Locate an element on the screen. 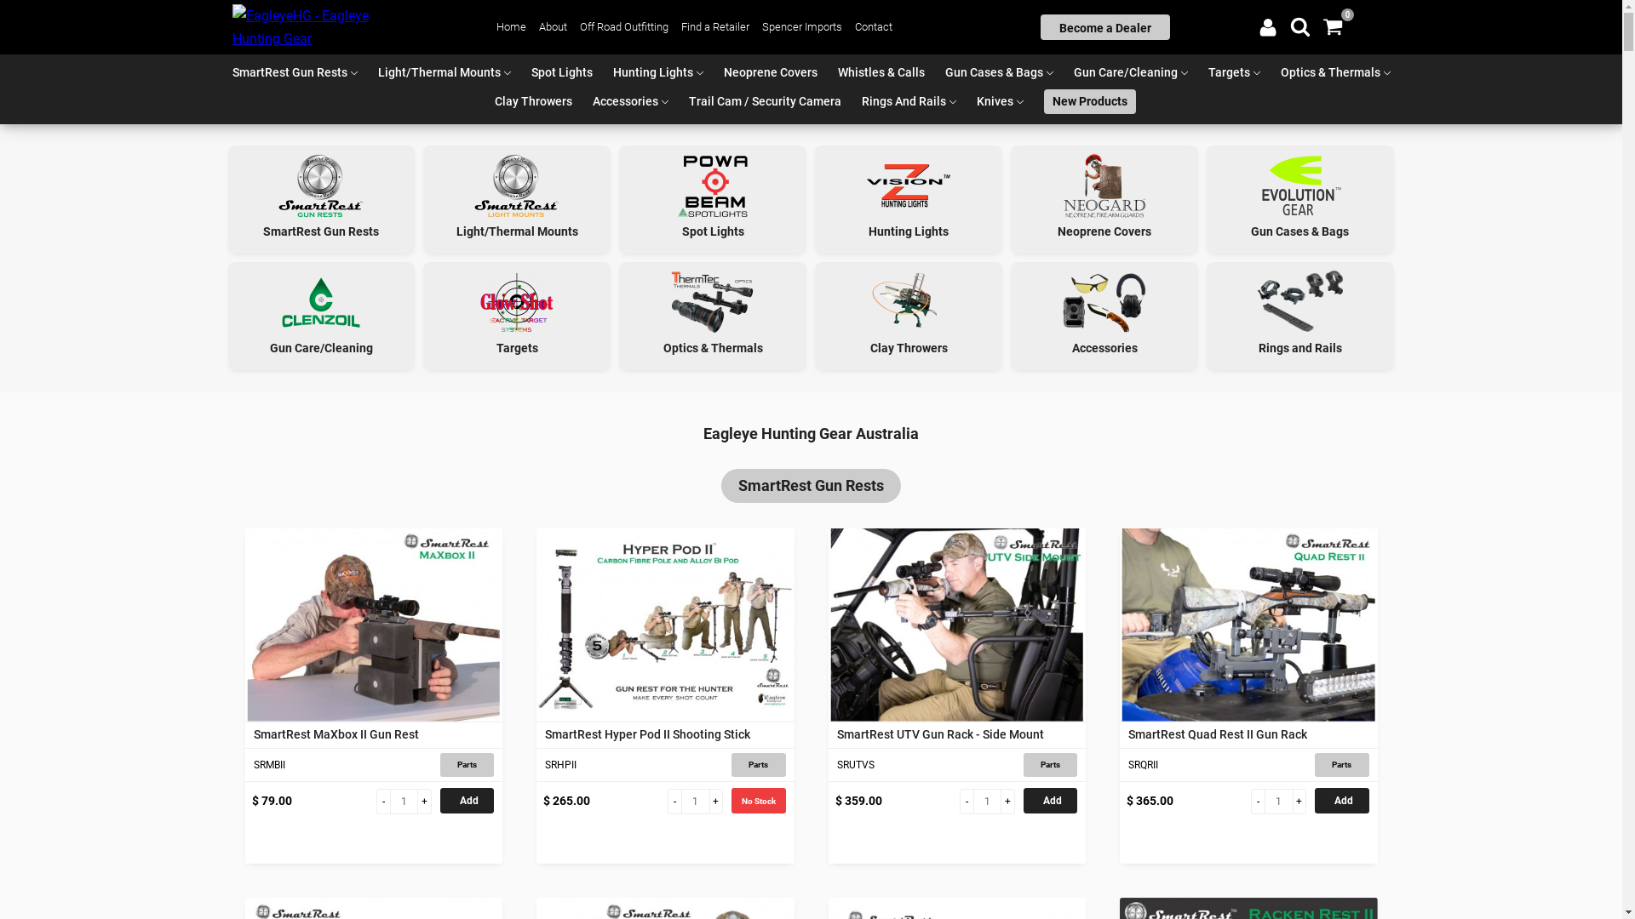 This screenshot has height=919, width=1635. 'Parts' is located at coordinates (757, 763).